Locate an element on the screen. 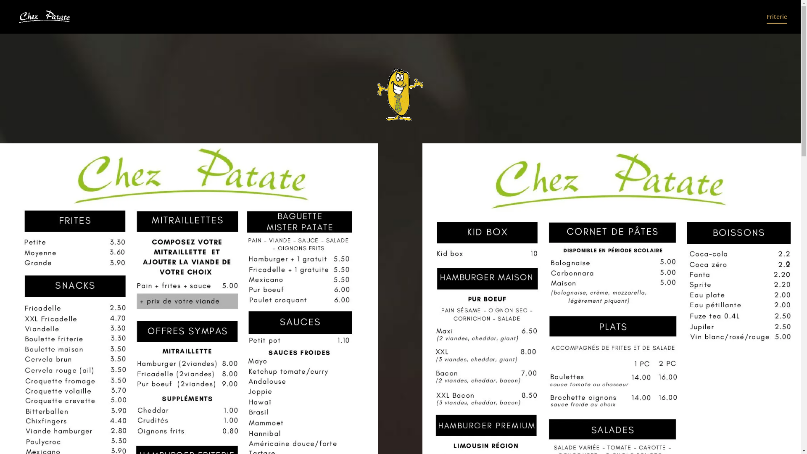 The height and width of the screenshot is (454, 807). 'Friterie' is located at coordinates (776, 23).